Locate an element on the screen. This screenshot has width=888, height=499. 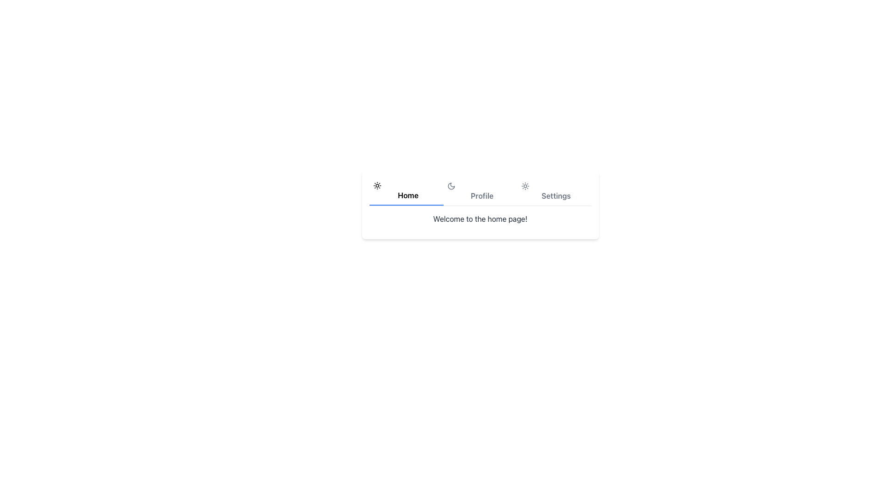
text label displaying 'Home' in a navigation menu, which is center-aligned and bold with a blue underline indicating active status is located at coordinates (407, 195).